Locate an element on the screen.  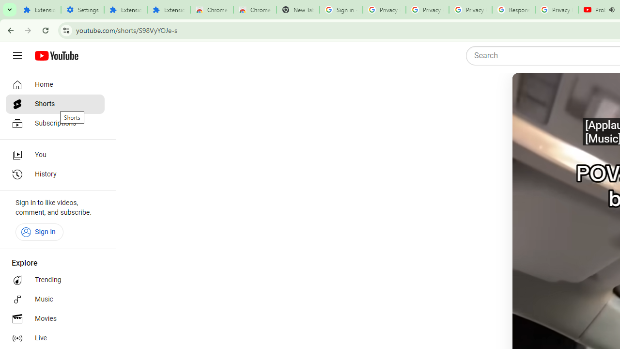
'Settings' is located at coordinates (82, 10).